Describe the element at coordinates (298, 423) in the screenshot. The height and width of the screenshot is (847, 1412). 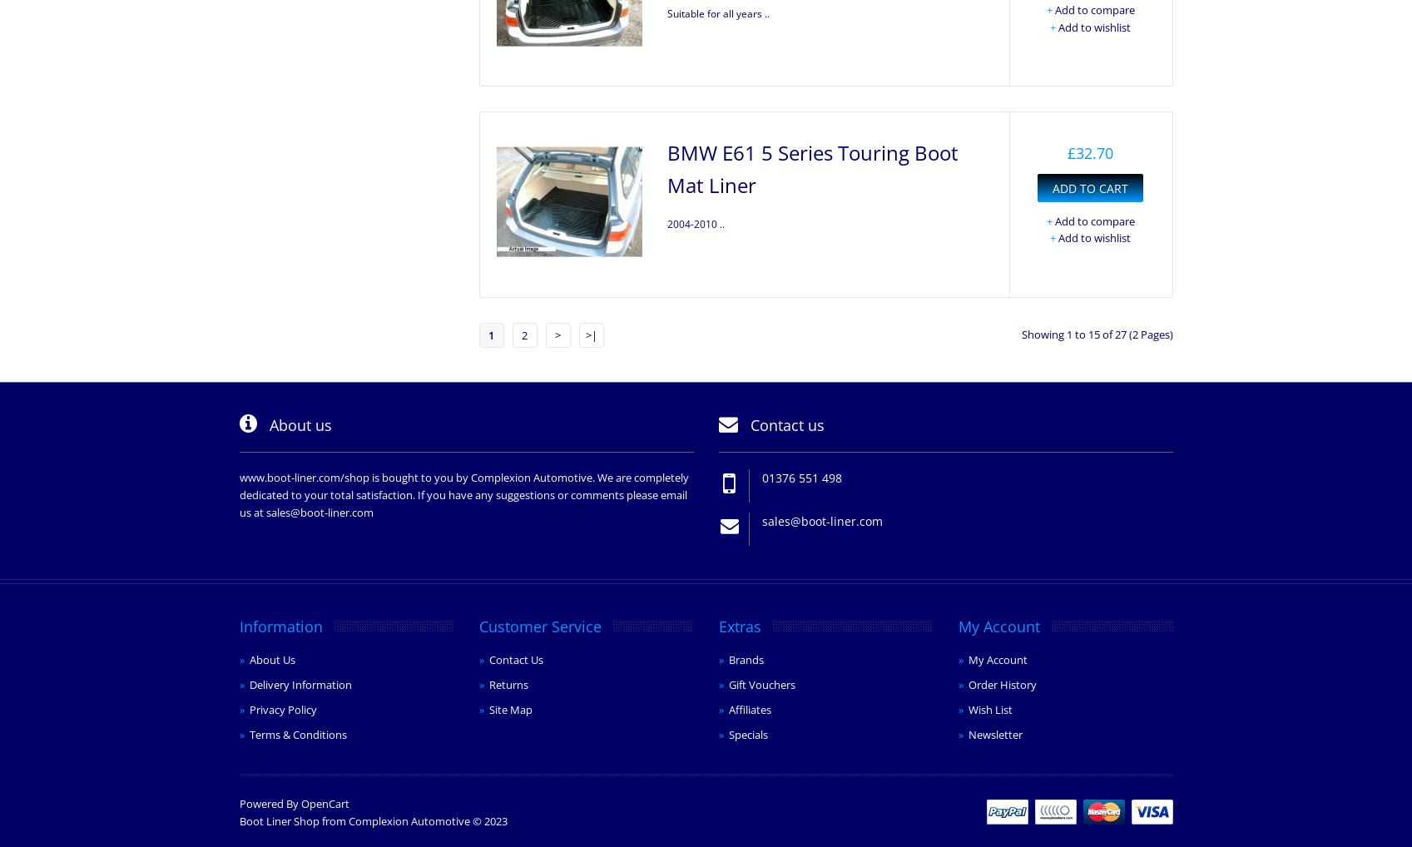
I see `'About us'` at that location.